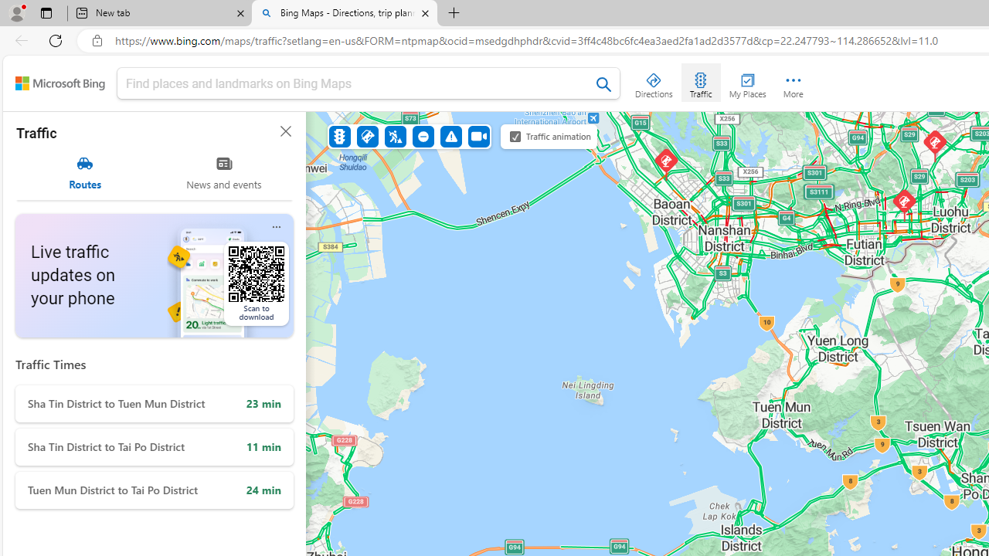 The image size is (989, 556). I want to click on 'Directions', so click(654, 82).